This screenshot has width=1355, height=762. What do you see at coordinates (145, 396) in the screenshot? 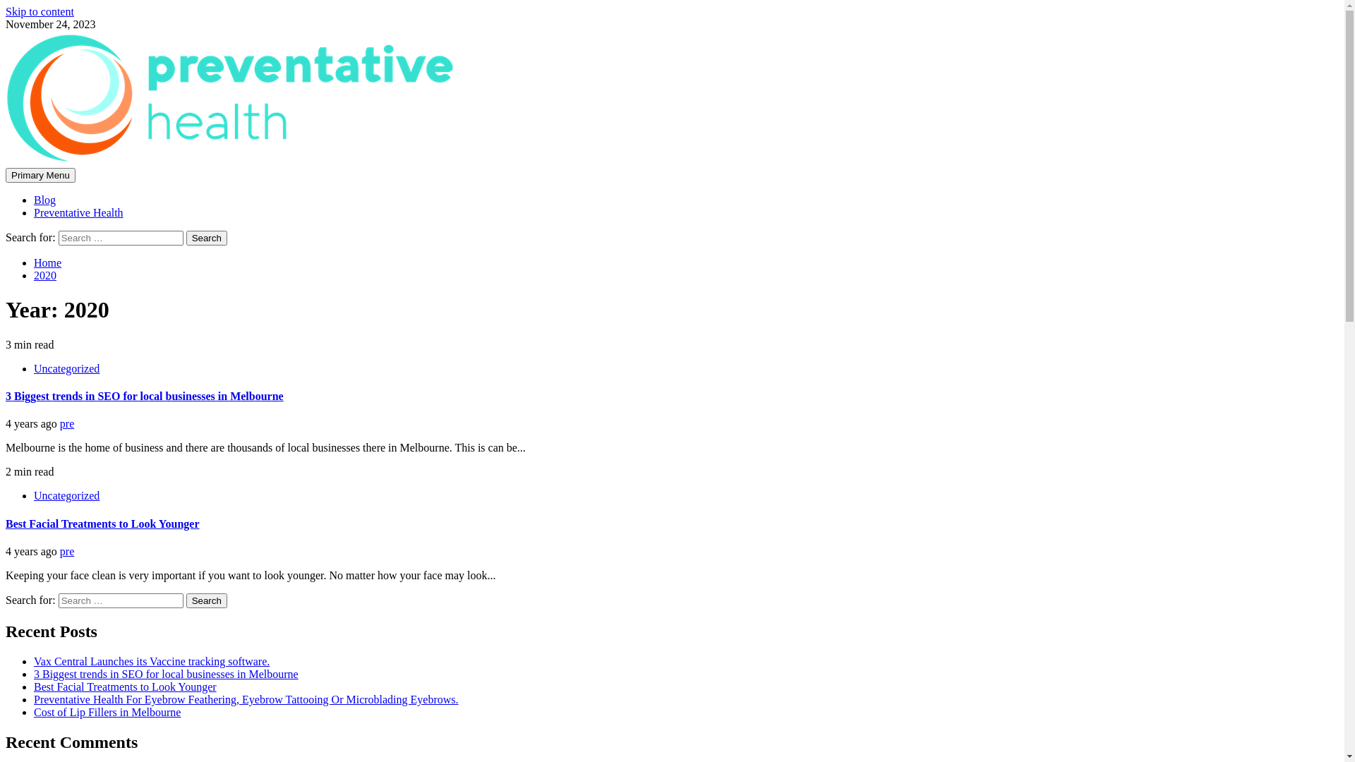
I see `'3 Biggest trends in SEO for local businesses in Melbourne'` at bounding box center [145, 396].